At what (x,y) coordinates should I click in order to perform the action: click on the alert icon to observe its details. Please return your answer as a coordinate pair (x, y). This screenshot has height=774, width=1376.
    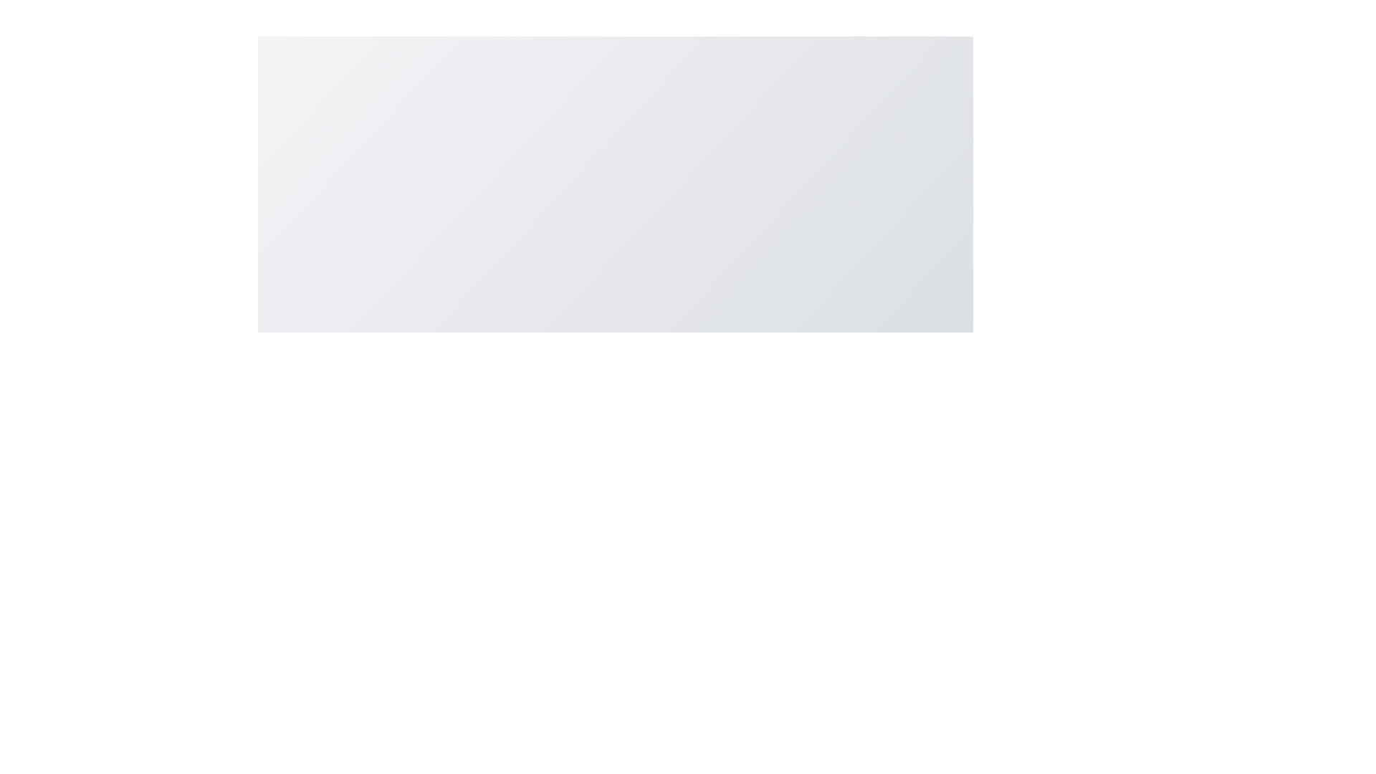
    Looking at the image, I should click on (456, 386).